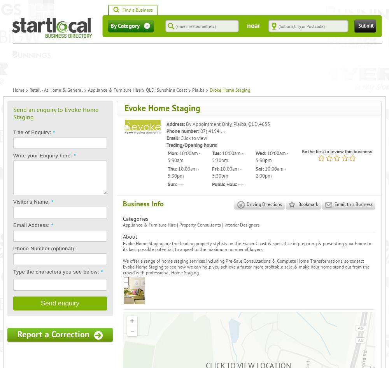 The image size is (389, 368). Describe the element at coordinates (56, 90) in the screenshot. I see `'Retail - At Home & General'` at that location.